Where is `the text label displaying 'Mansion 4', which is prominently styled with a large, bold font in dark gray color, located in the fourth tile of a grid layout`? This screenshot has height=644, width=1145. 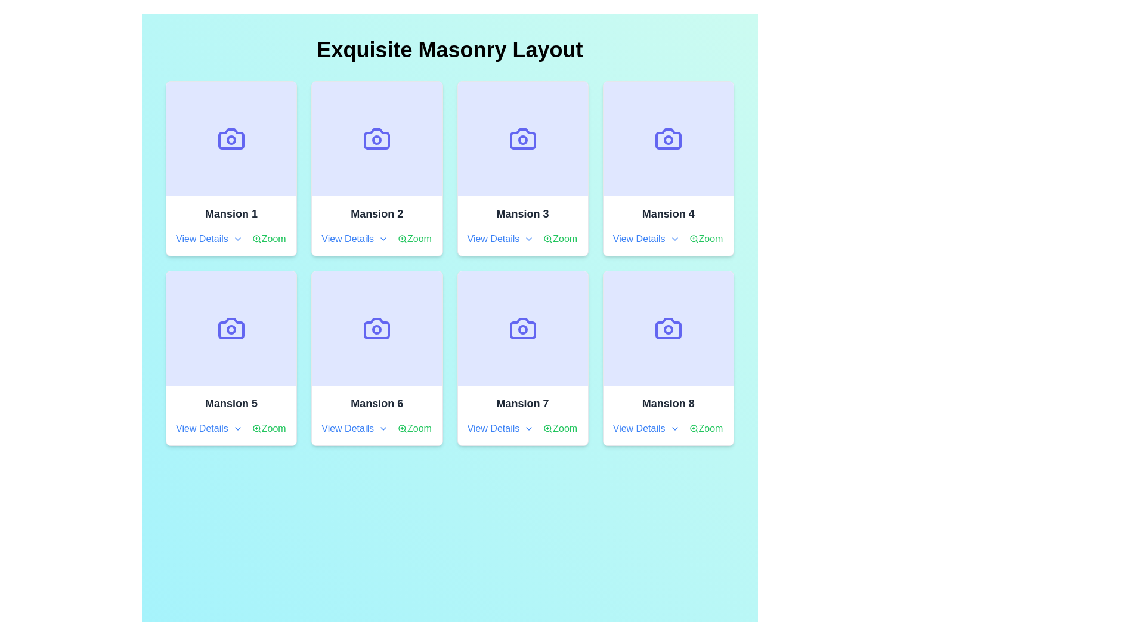
the text label displaying 'Mansion 4', which is prominently styled with a large, bold font in dark gray color, located in the fourth tile of a grid layout is located at coordinates (668, 213).